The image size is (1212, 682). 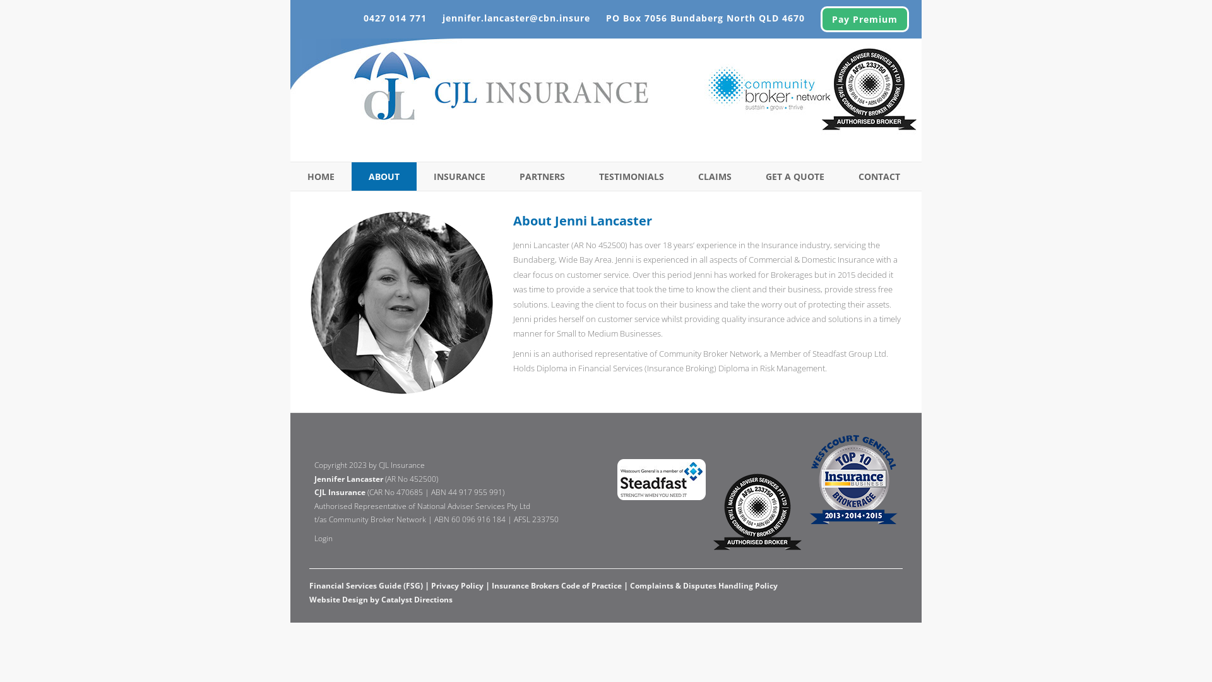 I want to click on 'HOME', so click(x=321, y=176).